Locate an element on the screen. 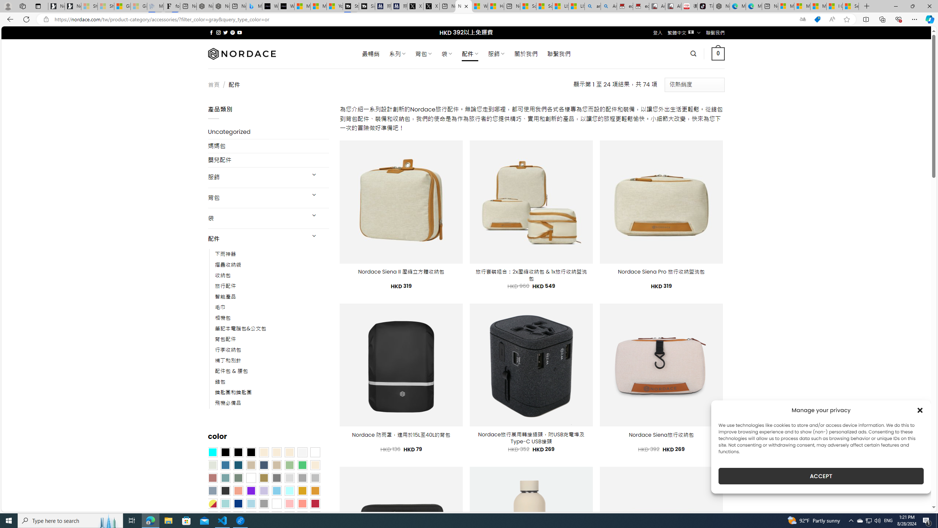  'Cream' is located at coordinates (289, 452).